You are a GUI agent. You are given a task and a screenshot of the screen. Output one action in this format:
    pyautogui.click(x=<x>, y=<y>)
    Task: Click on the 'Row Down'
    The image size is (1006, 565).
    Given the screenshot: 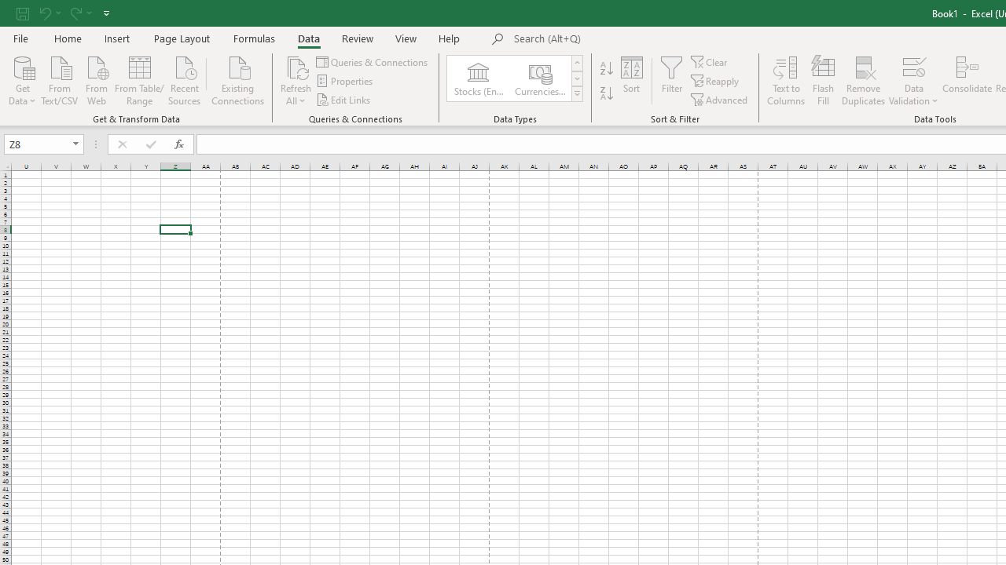 What is the action you would take?
    pyautogui.click(x=576, y=78)
    